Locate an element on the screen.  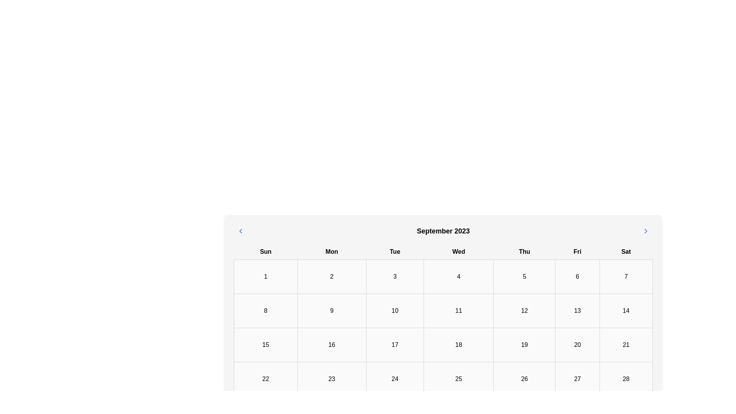
the Calendar Date Cell displaying '24' is located at coordinates (395, 378).